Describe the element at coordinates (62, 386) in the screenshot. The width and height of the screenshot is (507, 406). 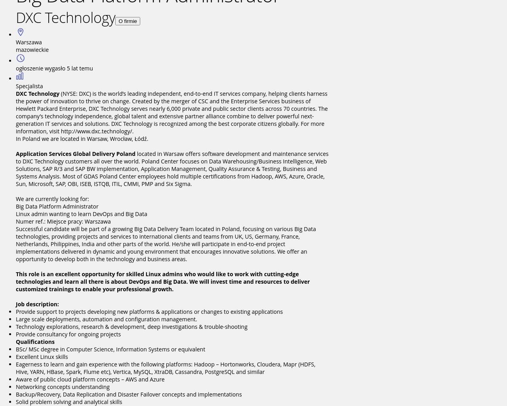
I see `'Networking concepts understanding'` at that location.